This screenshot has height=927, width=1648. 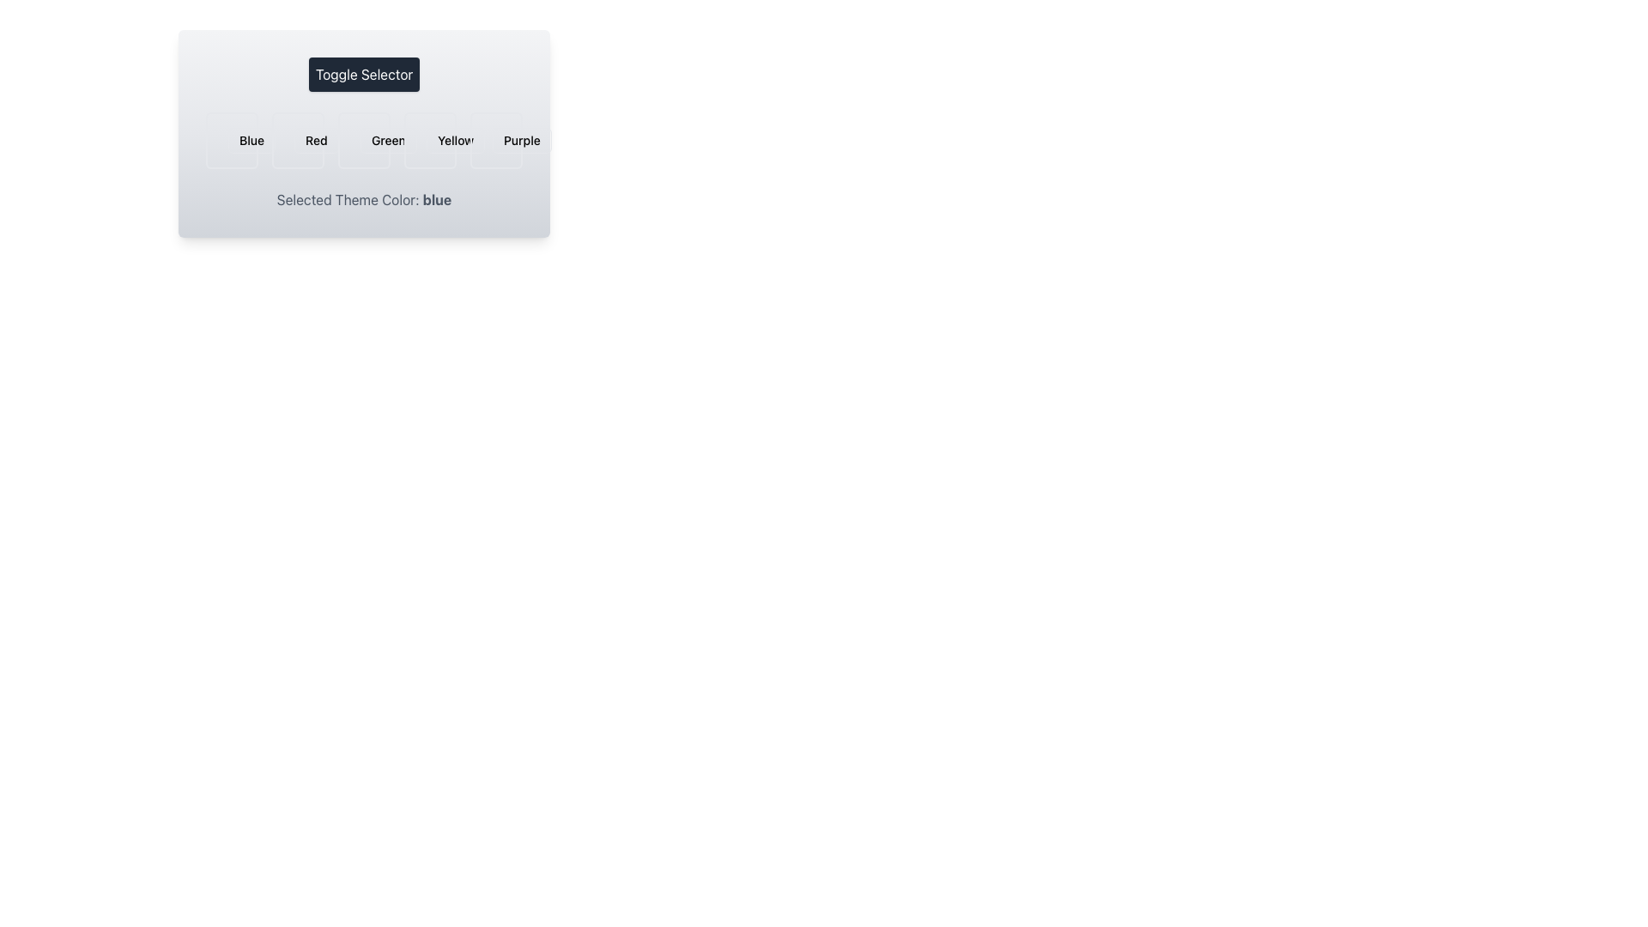 I want to click on the 'Yellow' toggle icon located in the middle section of the interface, which visually represents the 'Yellow' option and is centered between the 'Green' and 'Purple' toggles, so click(x=429, y=140).